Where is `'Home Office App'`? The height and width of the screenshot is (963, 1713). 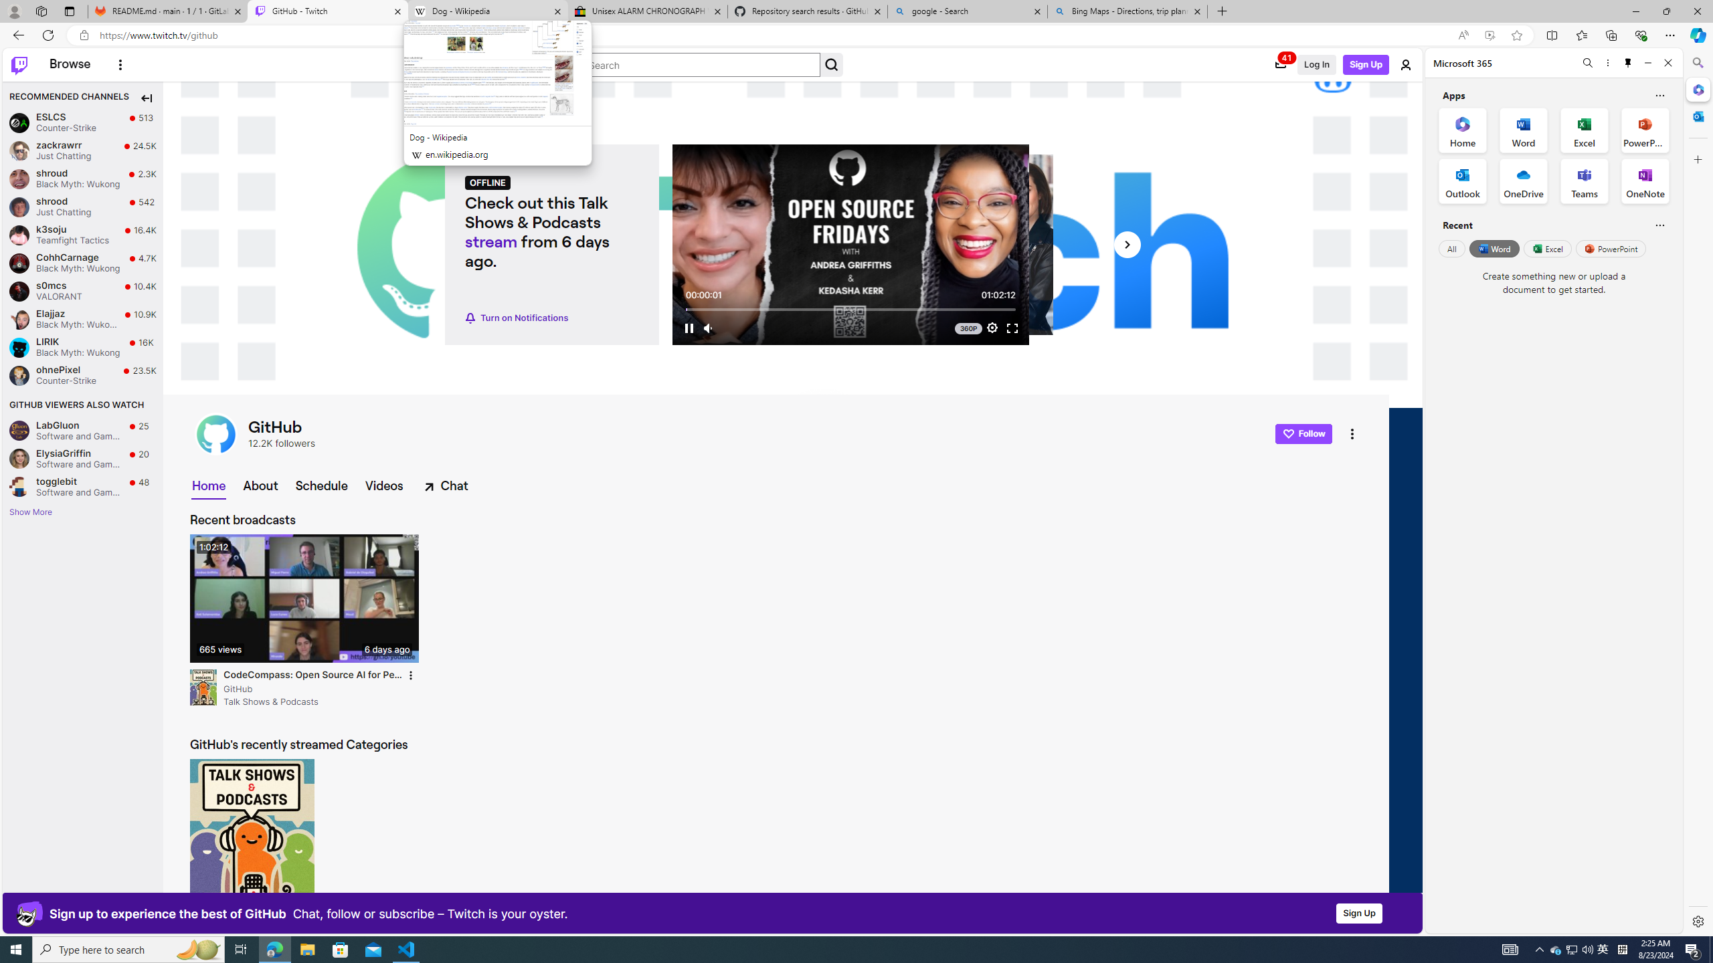
'Home Office App' is located at coordinates (1462, 130).